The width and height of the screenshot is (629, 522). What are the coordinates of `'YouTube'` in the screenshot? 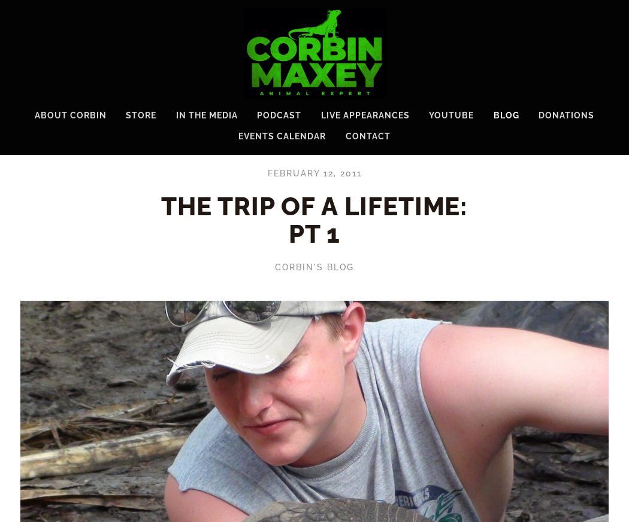 It's located at (451, 114).